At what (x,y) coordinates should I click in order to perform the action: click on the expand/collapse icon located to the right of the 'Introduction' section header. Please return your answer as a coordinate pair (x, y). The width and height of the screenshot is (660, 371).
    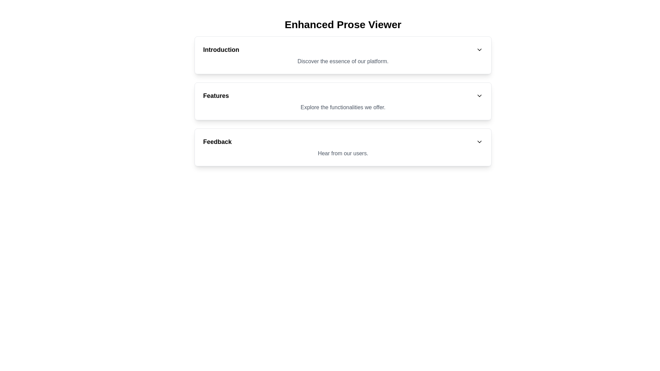
    Looking at the image, I should click on (479, 49).